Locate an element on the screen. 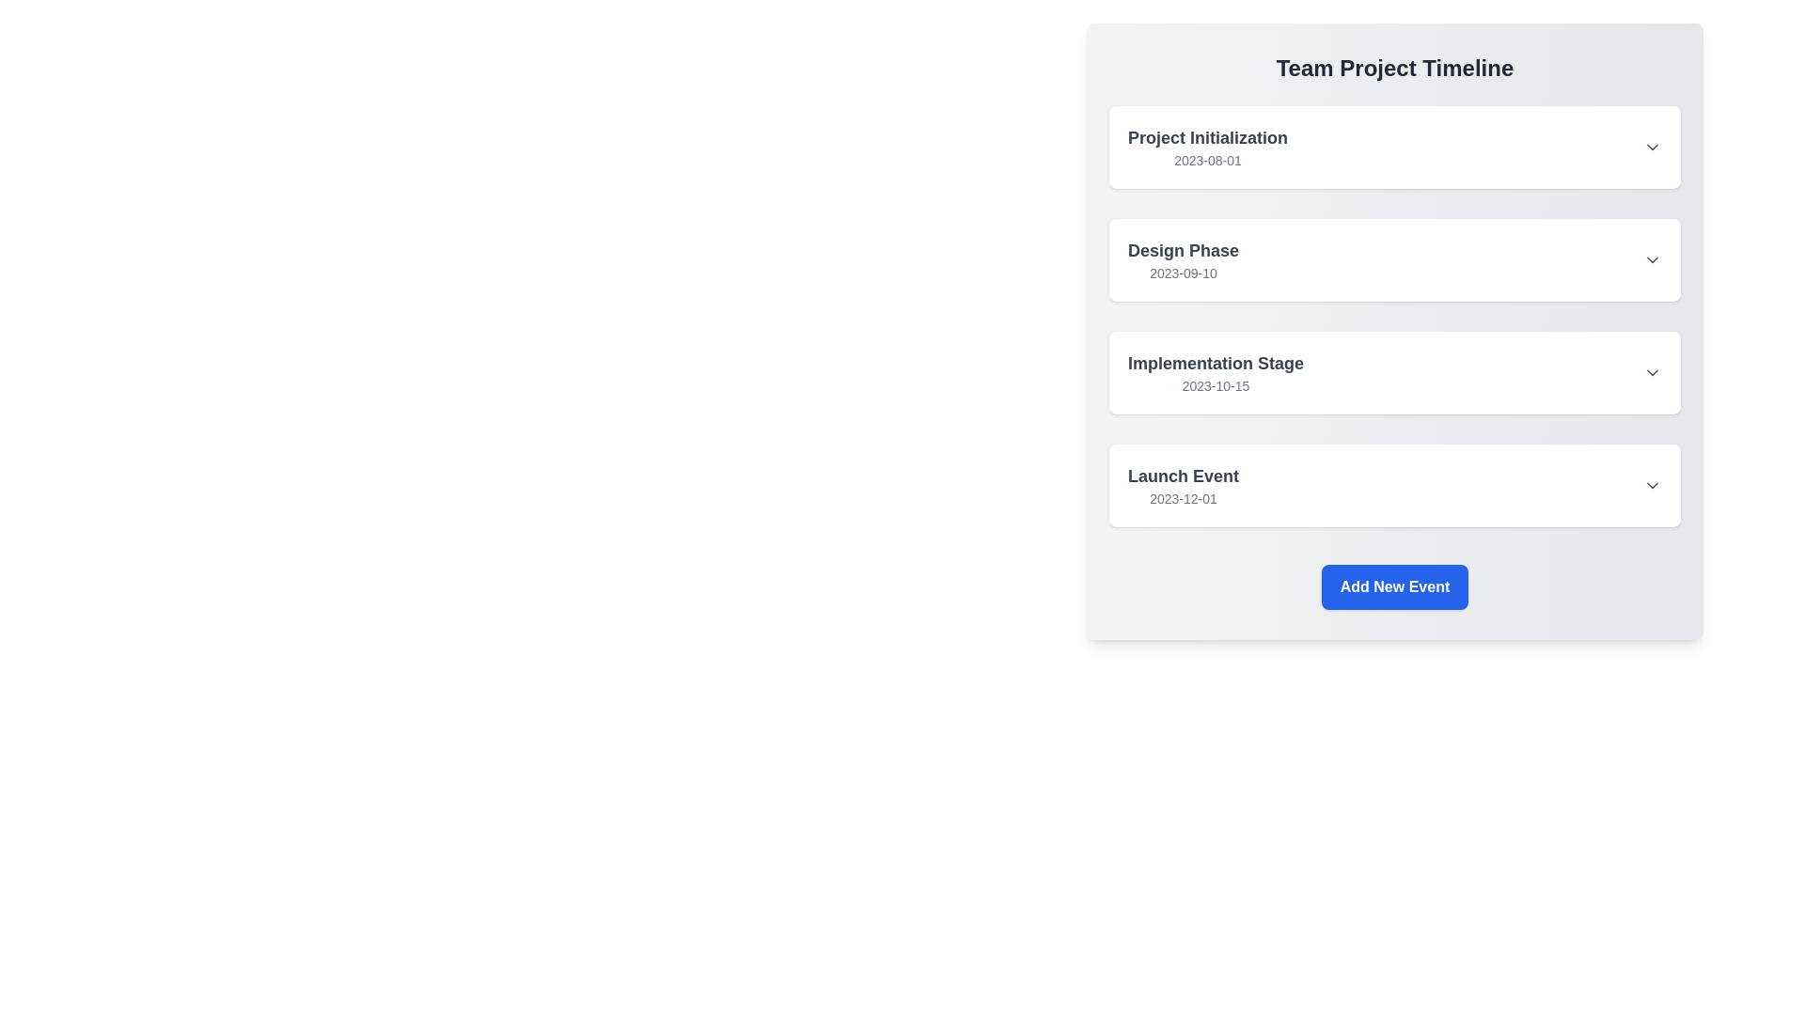 The height and width of the screenshot is (1015, 1805). the downward-facing gray chevron icon on the far-right side of the row containing 'Project Initialization' and '2023-08-01' is located at coordinates (1651, 147).